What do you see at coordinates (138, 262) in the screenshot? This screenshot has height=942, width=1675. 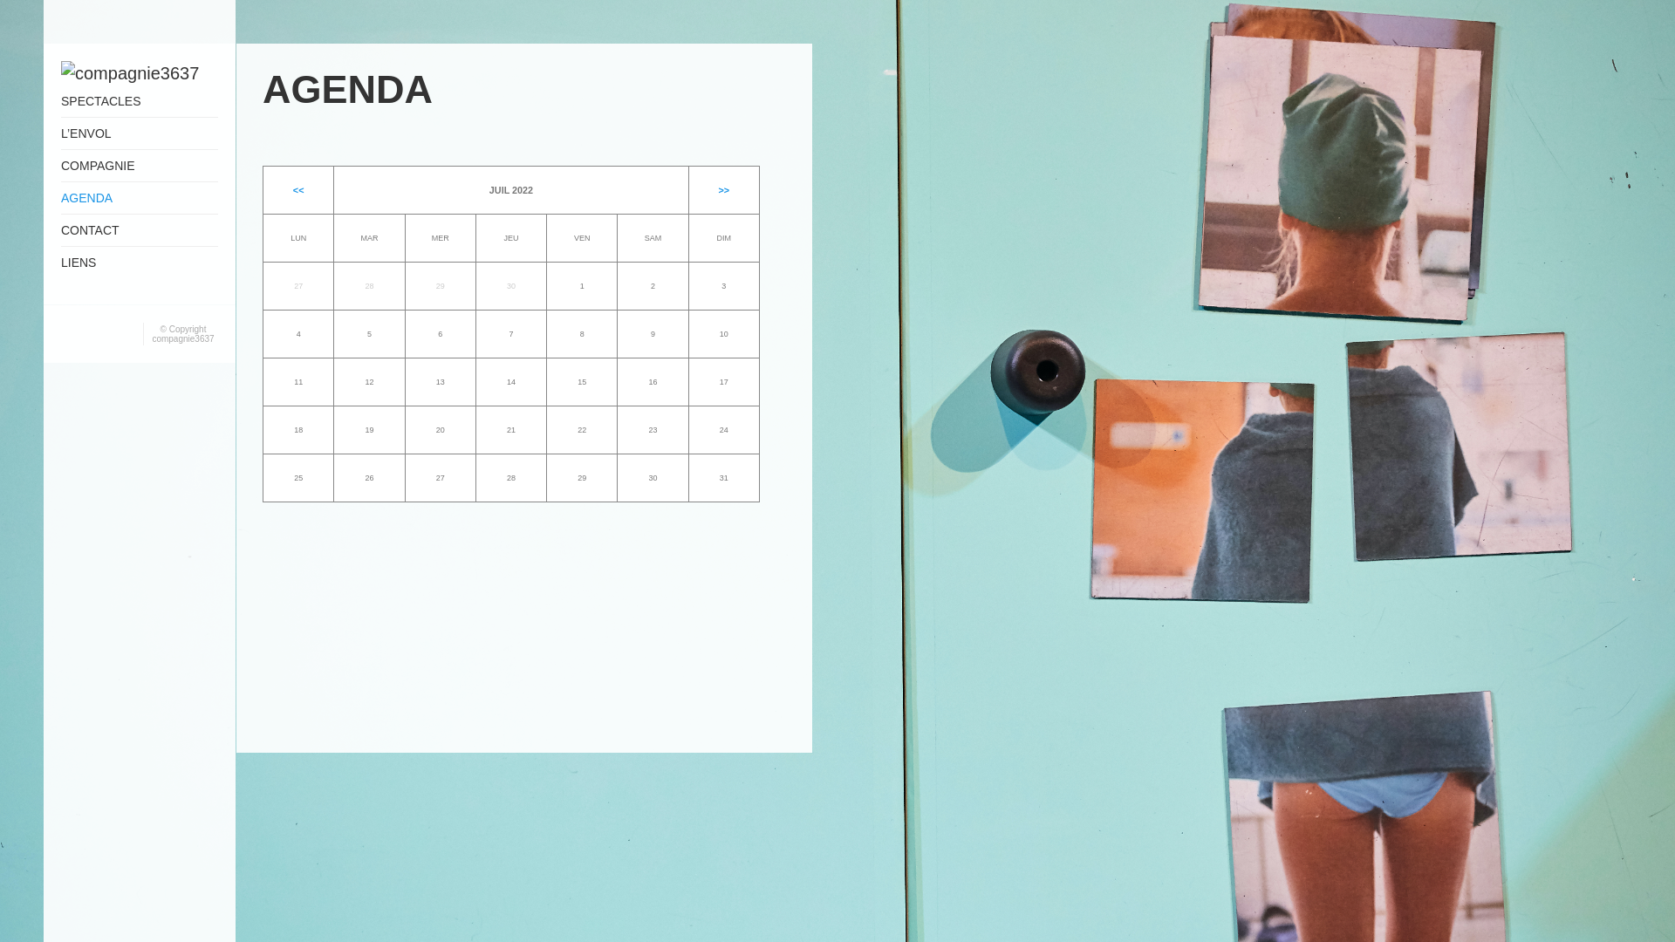 I see `'LIENS'` at bounding box center [138, 262].